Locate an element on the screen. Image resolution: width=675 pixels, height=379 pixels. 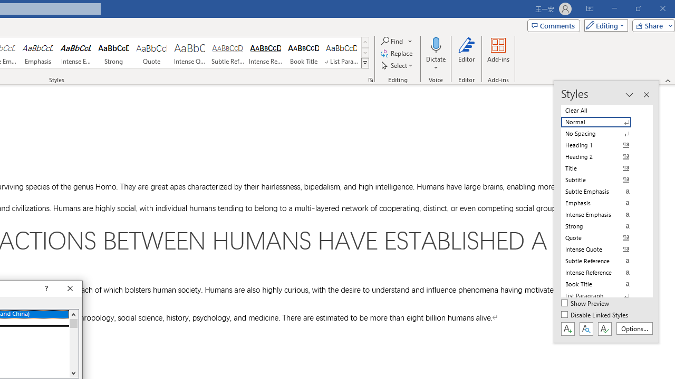
'Page down' is located at coordinates (73, 348).